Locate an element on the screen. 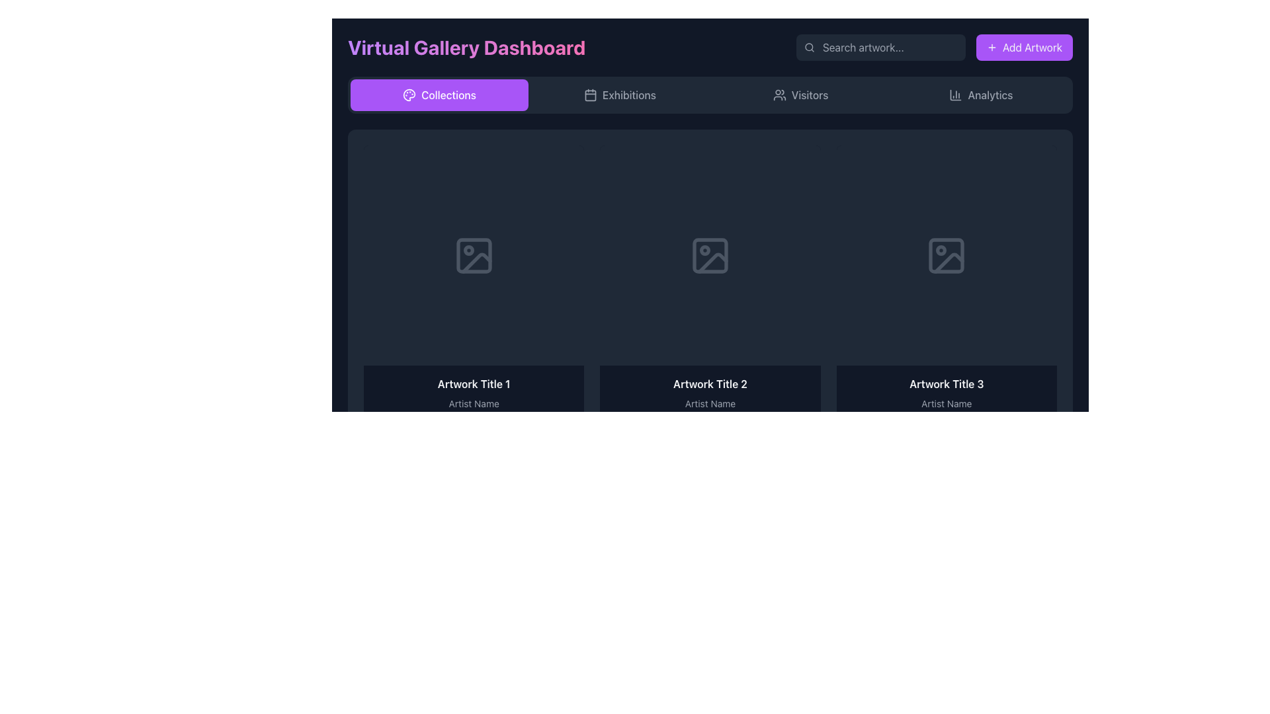 The image size is (1270, 714). the decorative visual element that is part of the magnifying glass search icon located at the top-right corner of the application interface is located at coordinates (808, 46).